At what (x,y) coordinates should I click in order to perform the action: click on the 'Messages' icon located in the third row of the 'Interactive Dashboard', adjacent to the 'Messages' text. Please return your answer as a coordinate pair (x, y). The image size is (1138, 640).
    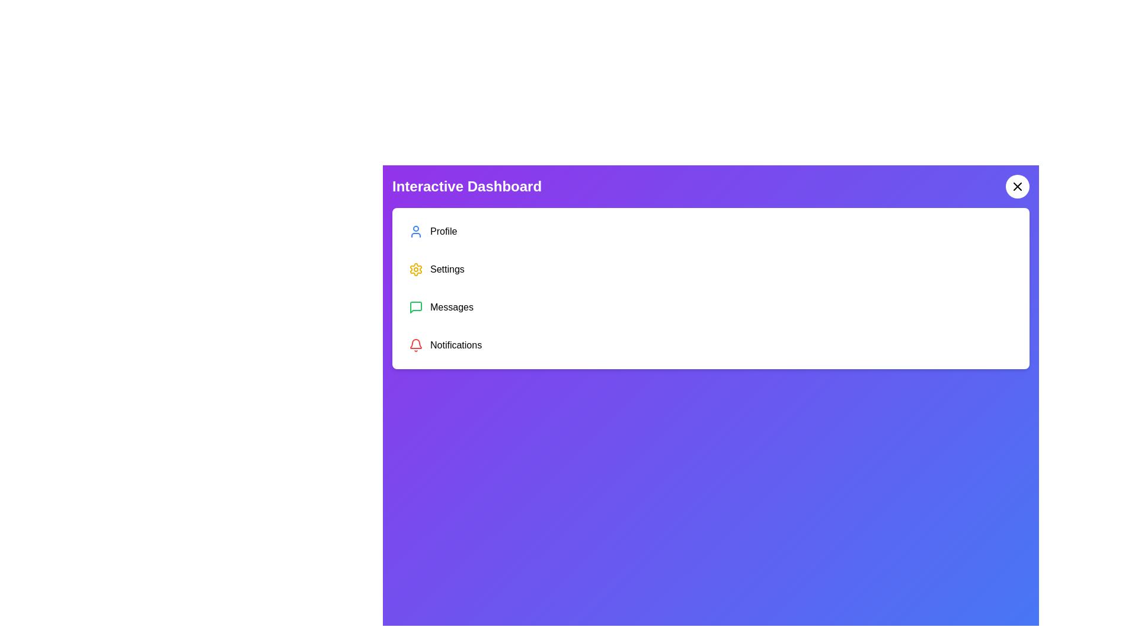
    Looking at the image, I should click on (415, 307).